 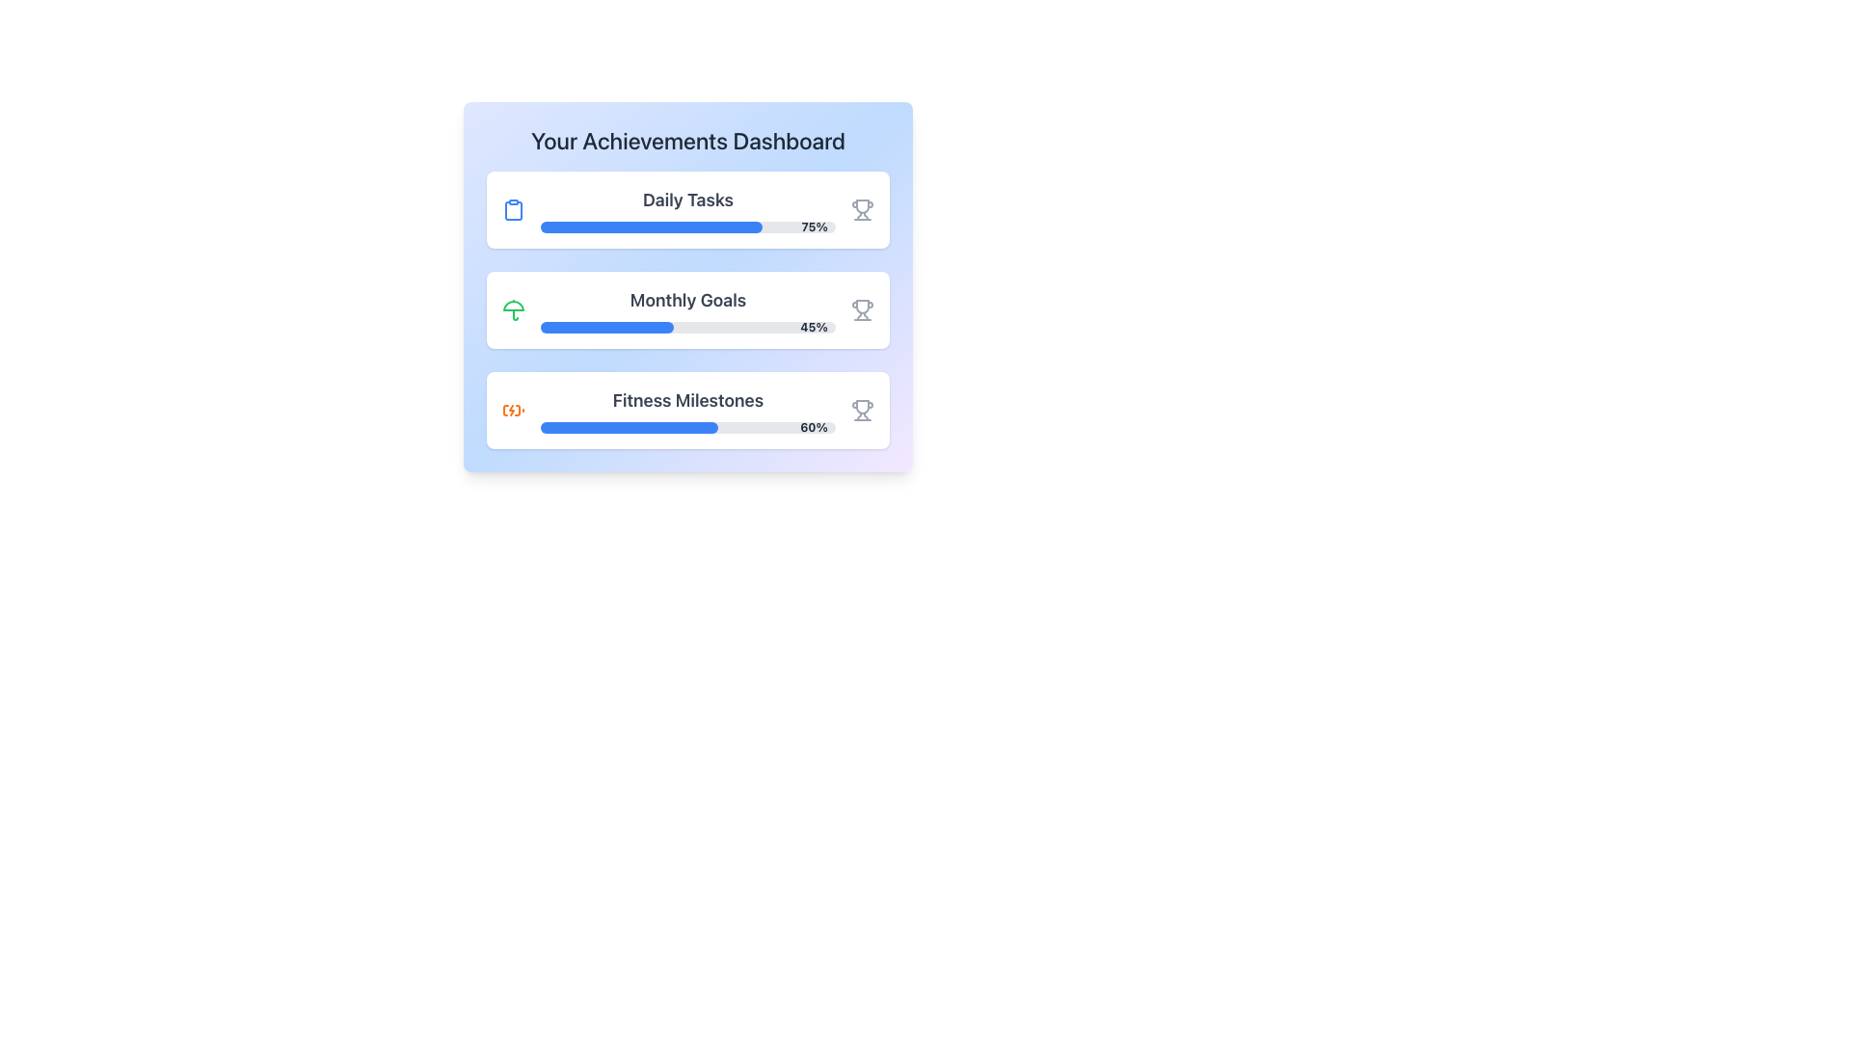 I want to click on the Progress Card that visually represents progress towards a fitness milestone, located beneath the 'Monthly Goals' card in the 'Your Achievements Dashboard', so click(x=688, y=409).